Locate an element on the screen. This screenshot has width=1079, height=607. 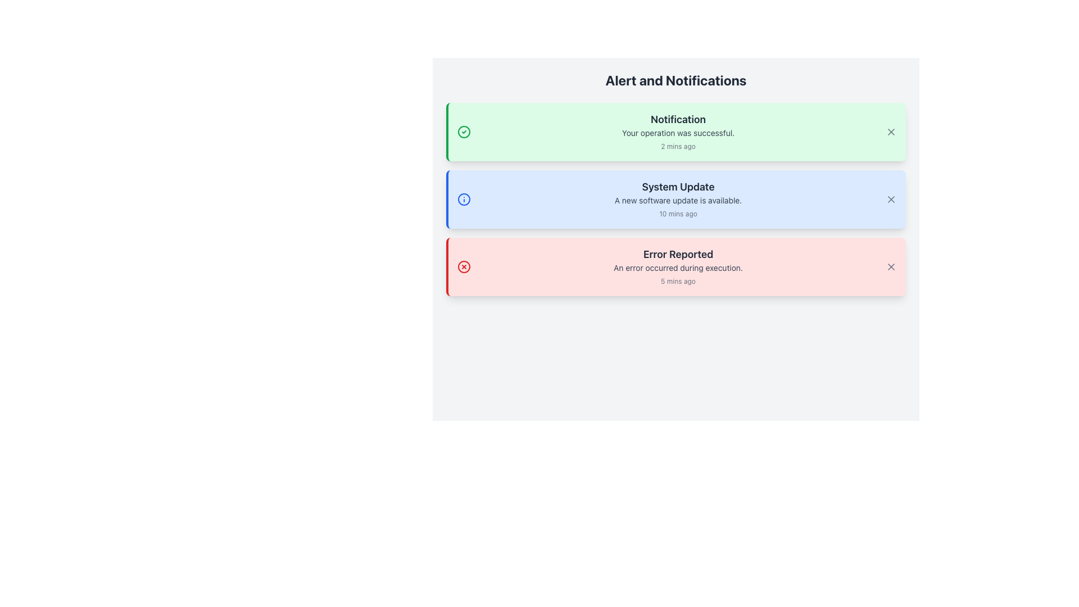
the cross-shaped red outlined button located in the top-right corner of the pink 'Error Reported' notification card is located at coordinates (890, 266).